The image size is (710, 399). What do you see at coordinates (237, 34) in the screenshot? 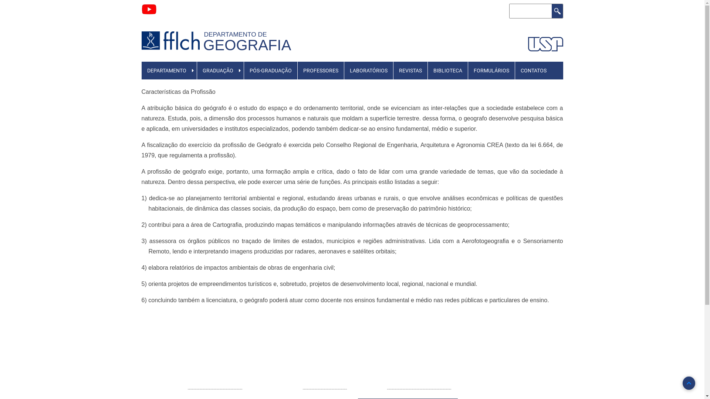
I see `'DEPARTAMENTO DE  '` at bounding box center [237, 34].